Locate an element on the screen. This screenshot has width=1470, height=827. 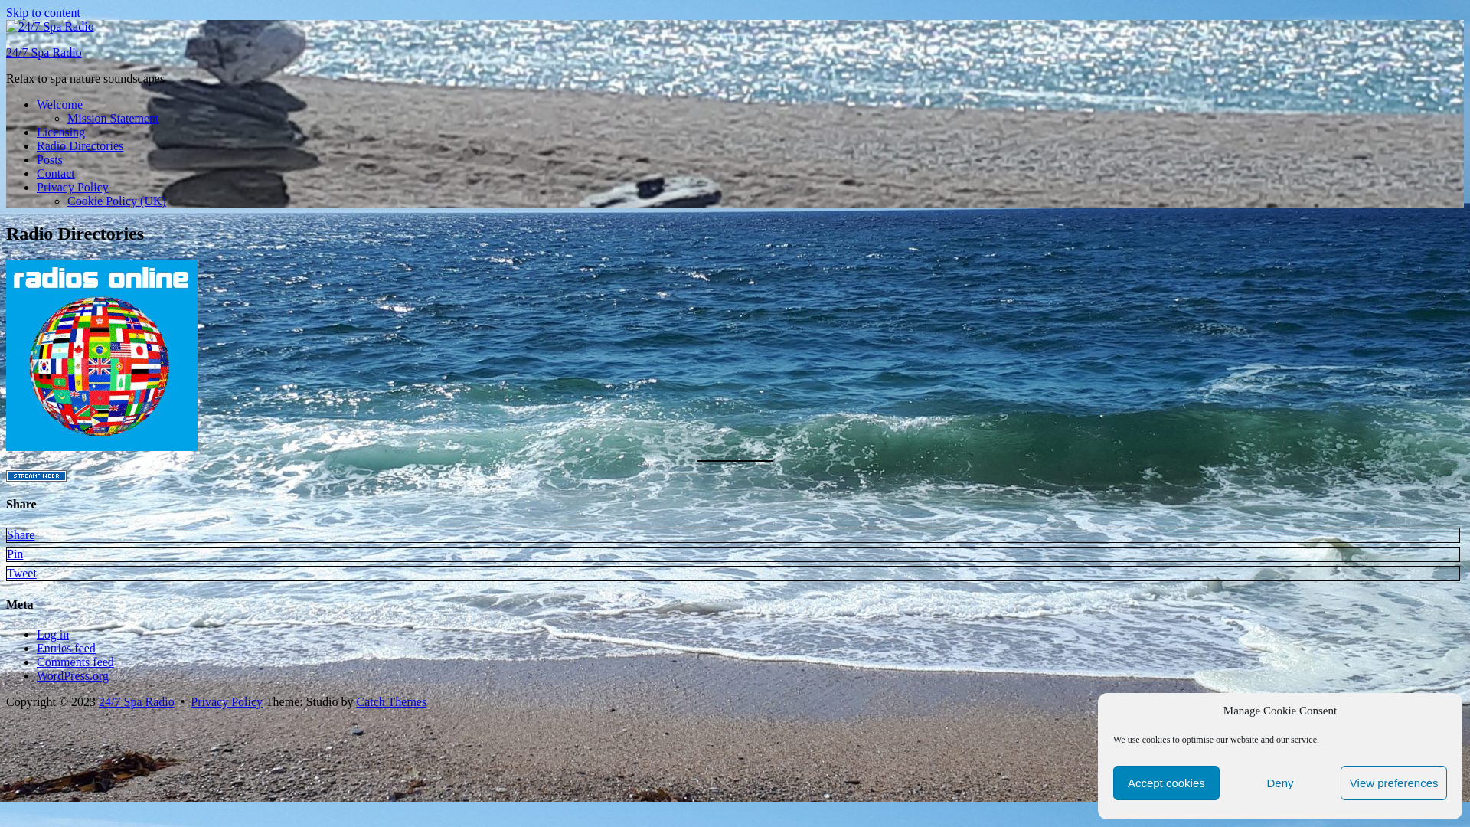
'Skip to content' is located at coordinates (43, 12).